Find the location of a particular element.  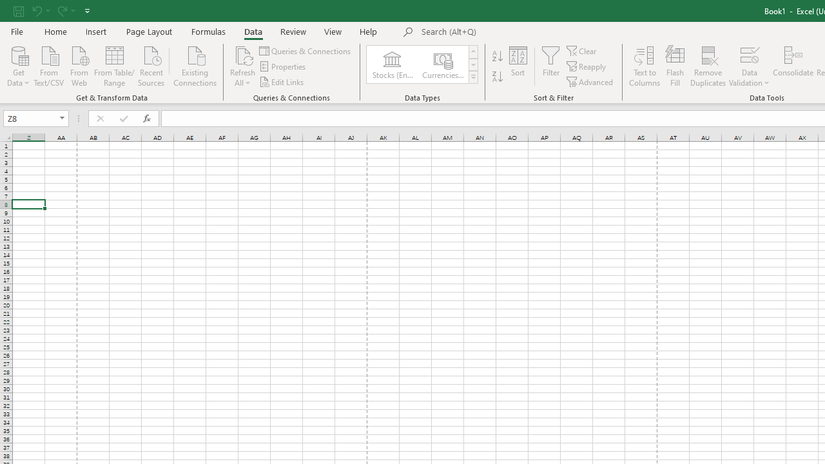

'Get Data' is located at coordinates (18, 65).